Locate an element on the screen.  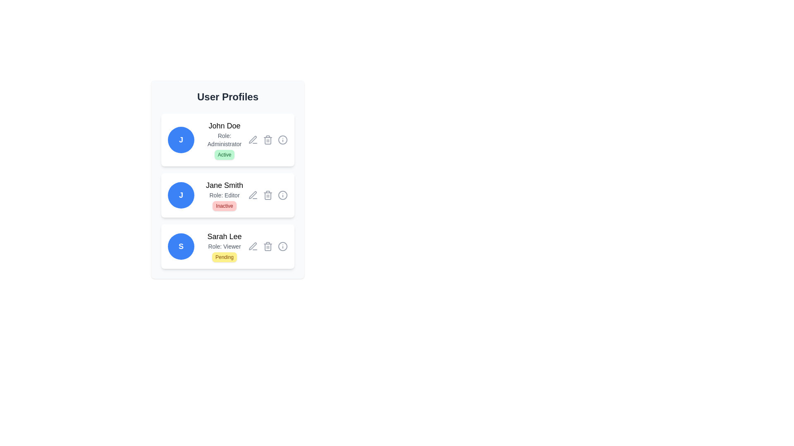
displayed text of the 'Inactive' badge located in the profile box for 'Jane Smith', positioned below the role text is located at coordinates (224, 205).